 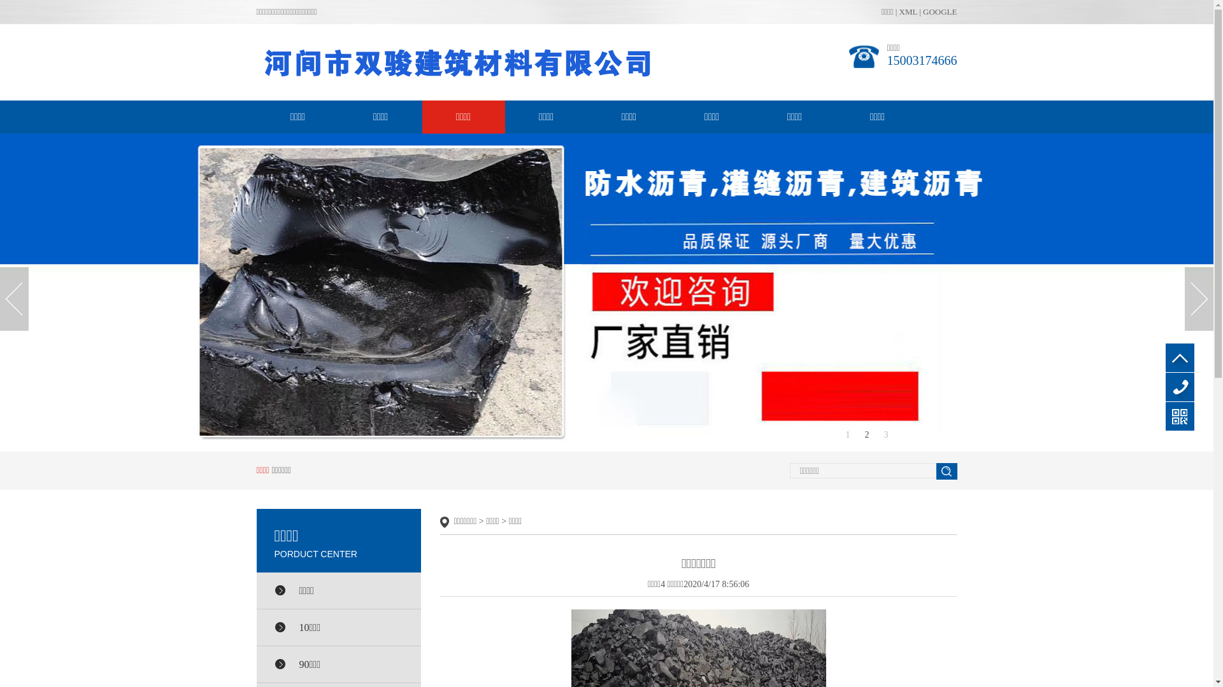 What do you see at coordinates (907, 11) in the screenshot?
I see `'XML'` at bounding box center [907, 11].